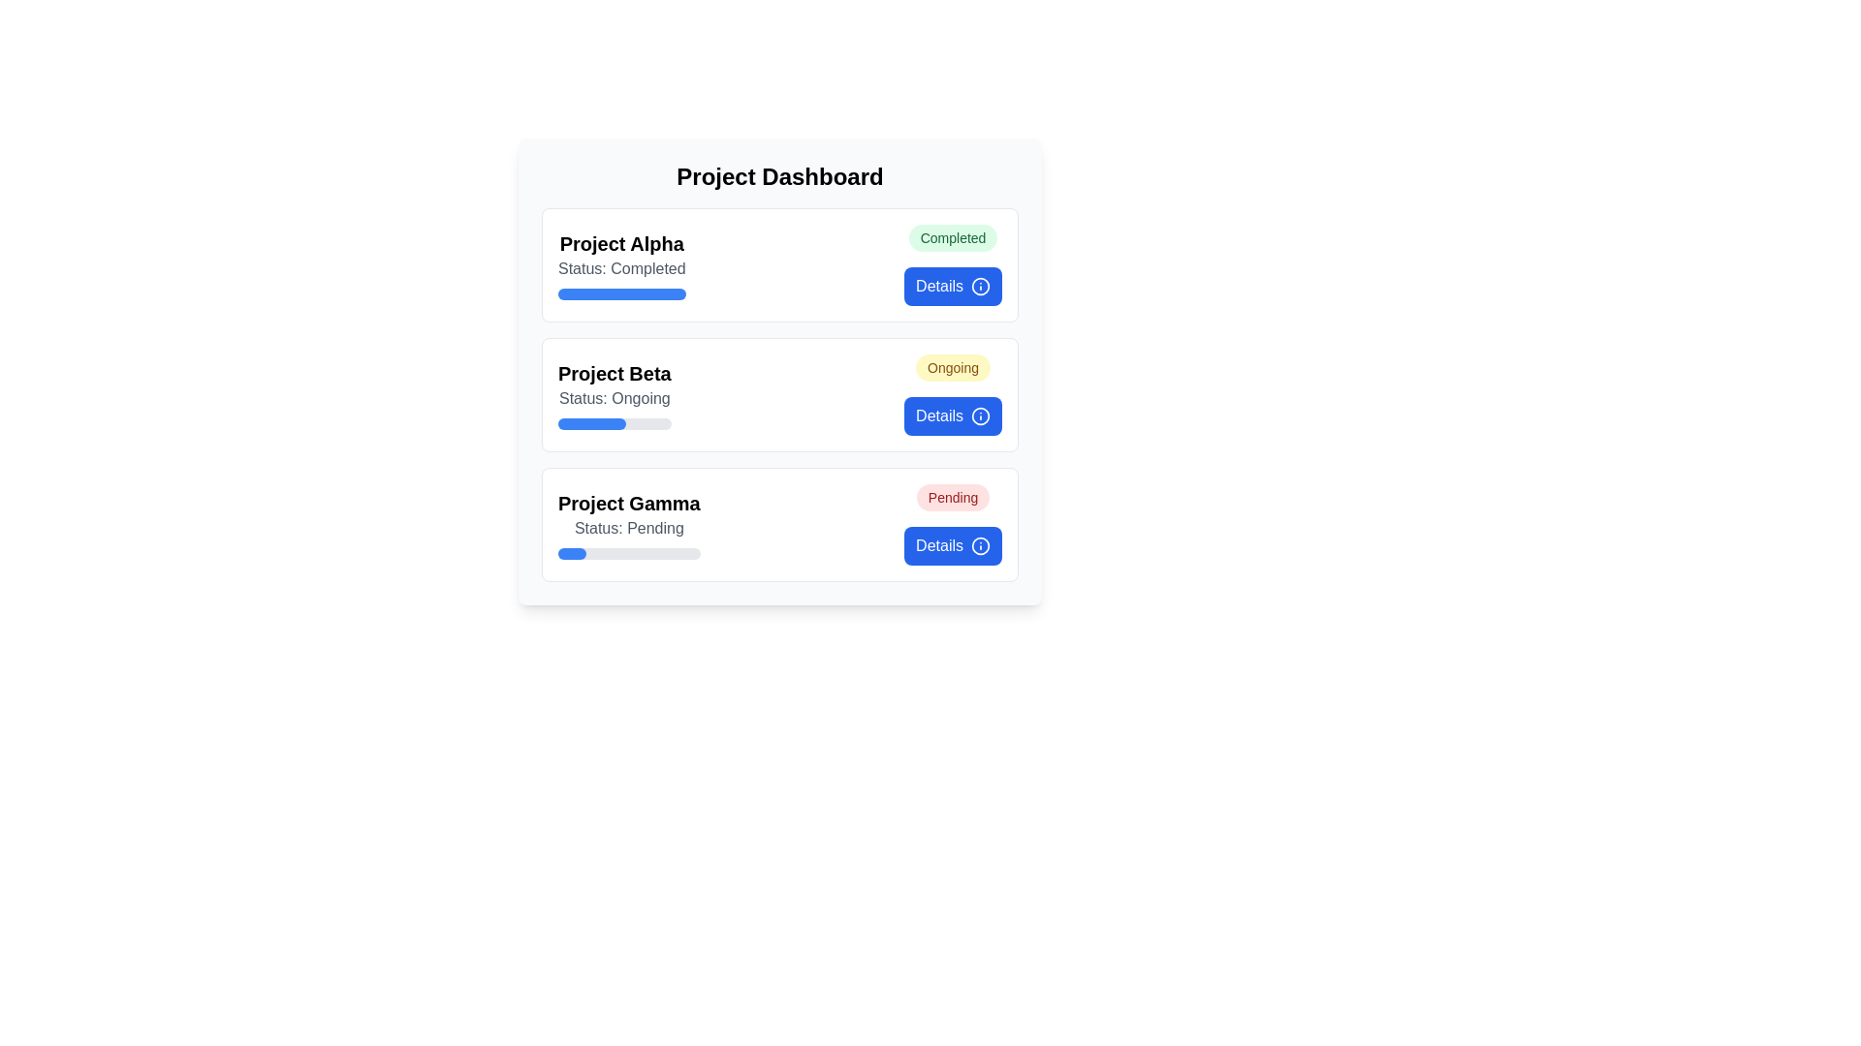  Describe the element at coordinates (981, 415) in the screenshot. I see `the information icon with a blue circular outline located at the right end of the 'Details' button for Project Beta` at that location.